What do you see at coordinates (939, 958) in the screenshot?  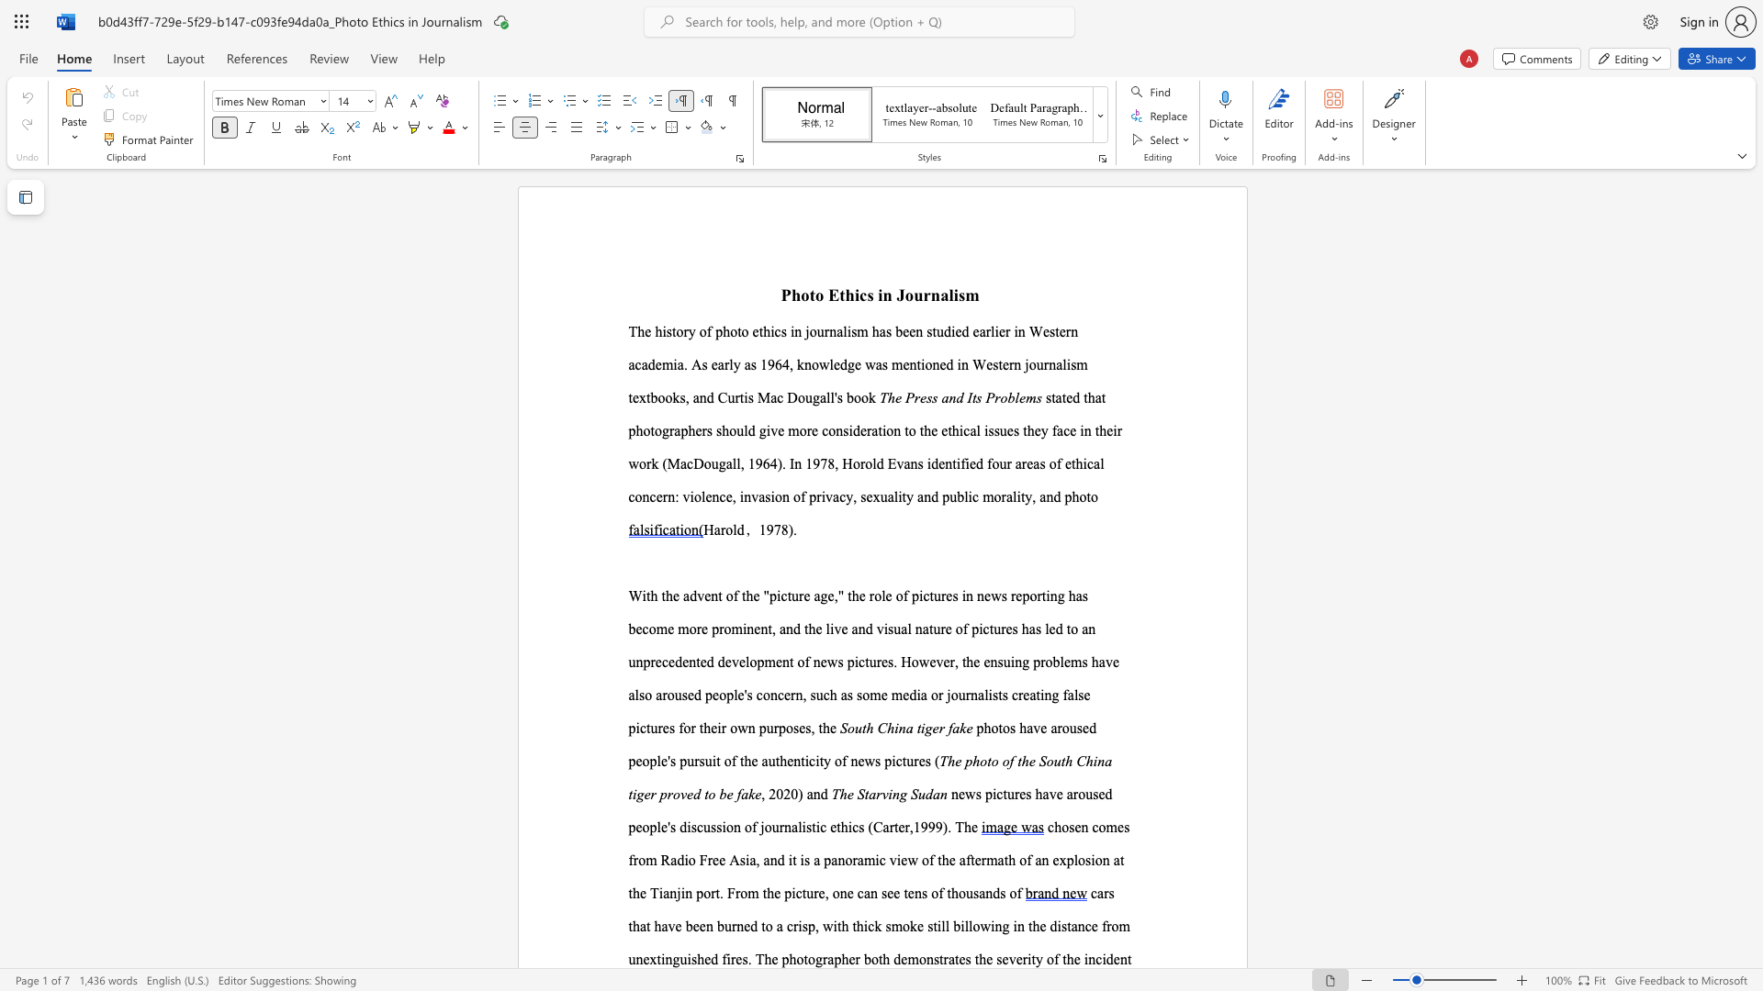 I see `the subset text "trat" within the text "demonstrates"` at bounding box center [939, 958].